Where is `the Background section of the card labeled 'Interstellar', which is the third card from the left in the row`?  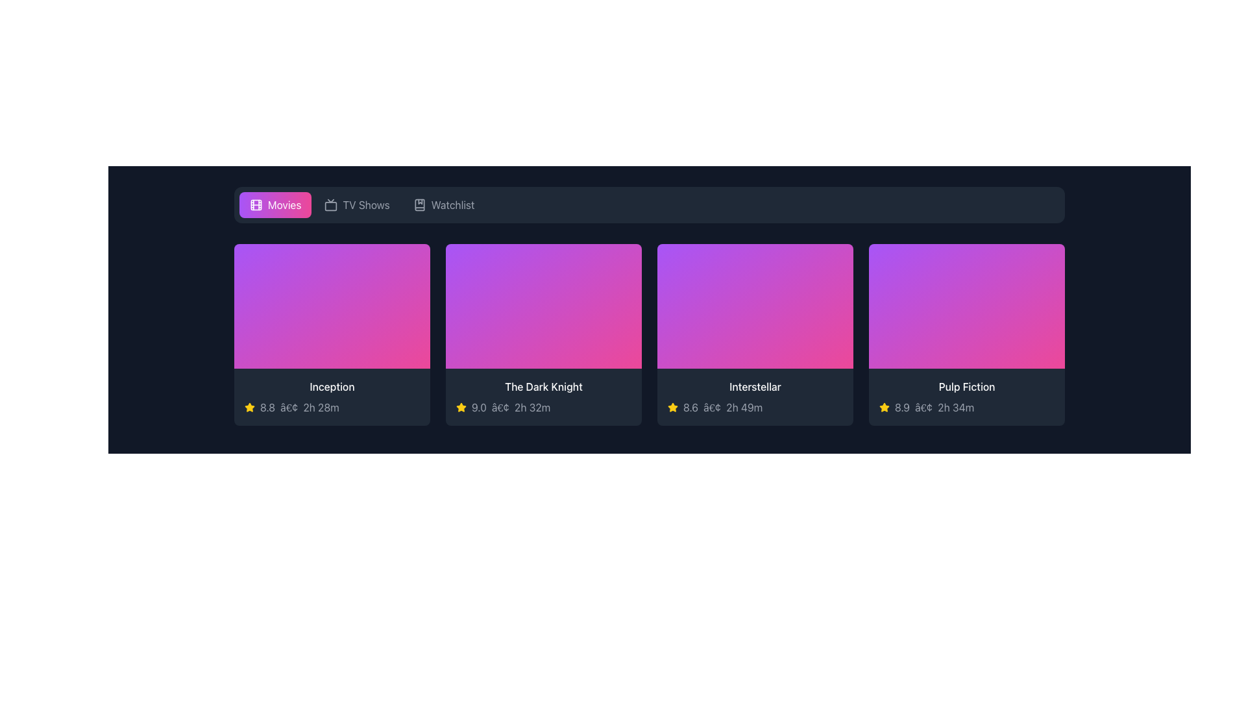 the Background section of the card labeled 'Interstellar', which is the third card from the left in the row is located at coordinates (755, 306).